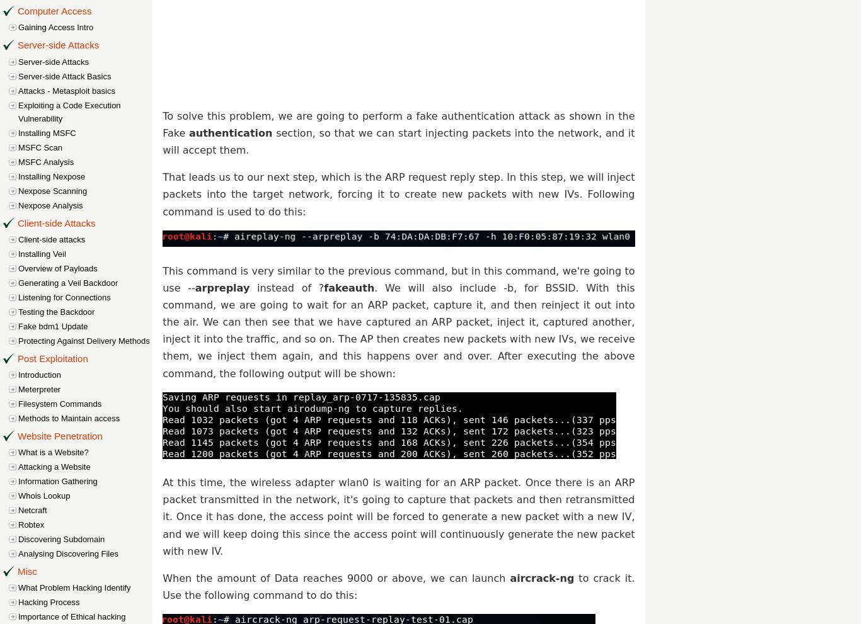 Image resolution: width=862 pixels, height=624 pixels. Describe the element at coordinates (54, 10) in the screenshot. I see `'Computer Access'` at that location.